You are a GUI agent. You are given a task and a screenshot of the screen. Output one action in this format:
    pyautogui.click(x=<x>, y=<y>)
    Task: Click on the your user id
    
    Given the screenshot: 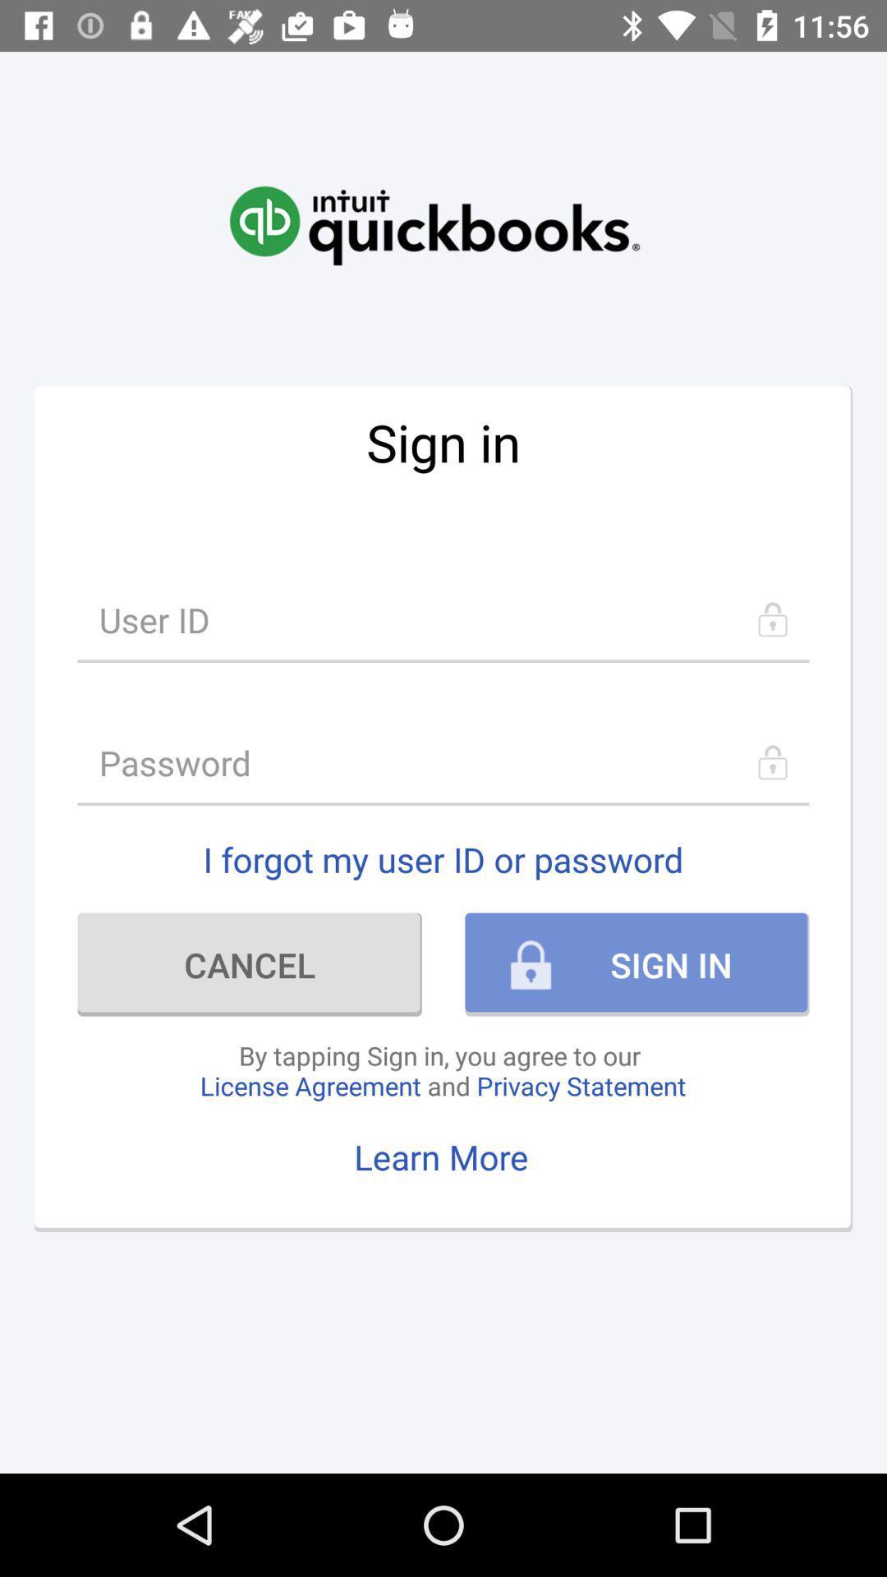 What is the action you would take?
    pyautogui.click(x=443, y=618)
    